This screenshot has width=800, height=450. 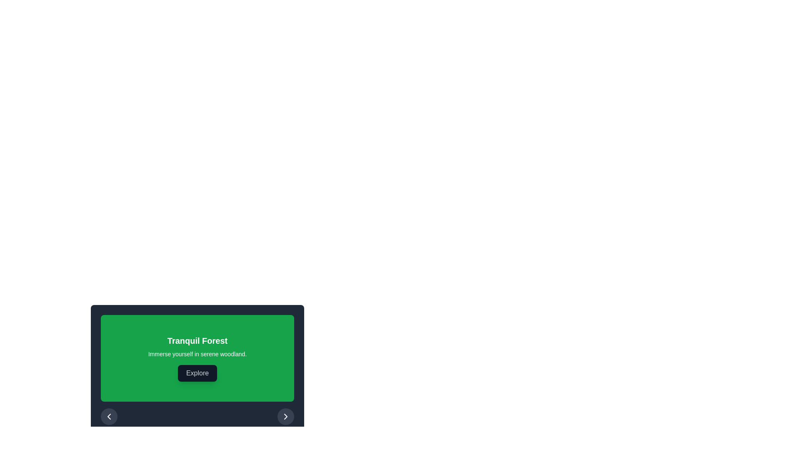 I want to click on the circular button with a leftward-pointing arrow icon located at the bottom-left of the card interface, so click(x=109, y=416).